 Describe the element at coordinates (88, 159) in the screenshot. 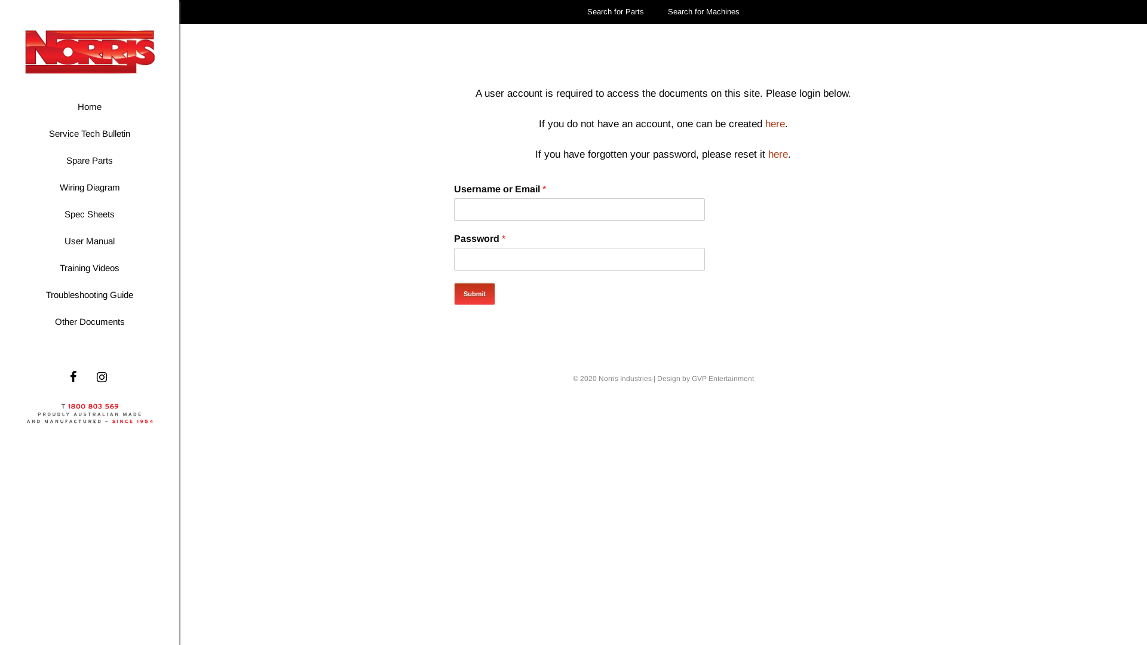

I see `'Spare Parts'` at that location.